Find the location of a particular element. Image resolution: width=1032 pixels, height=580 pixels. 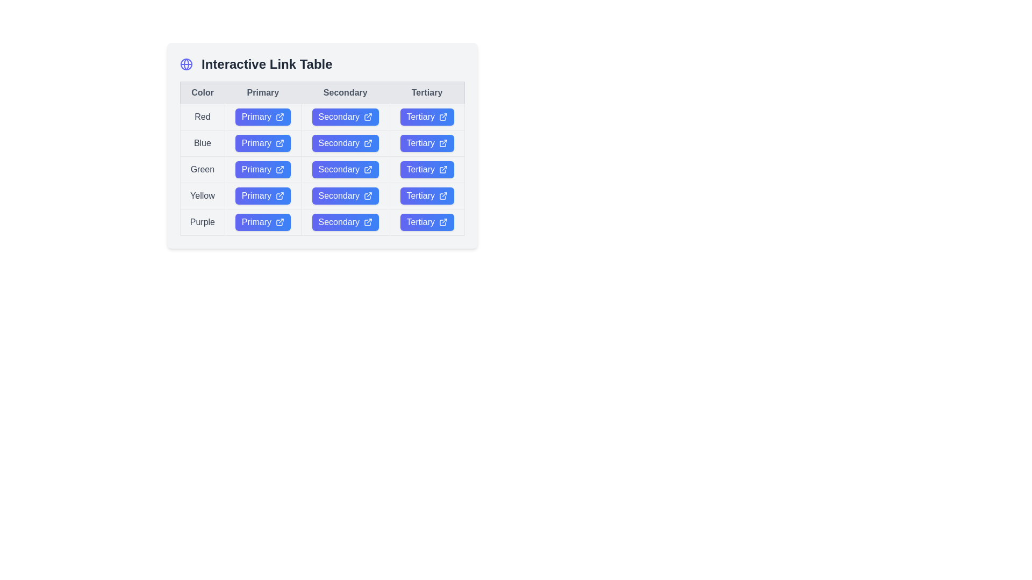

the links within the third row of the table that corresponds to the 'Green' color category is located at coordinates (322, 169).